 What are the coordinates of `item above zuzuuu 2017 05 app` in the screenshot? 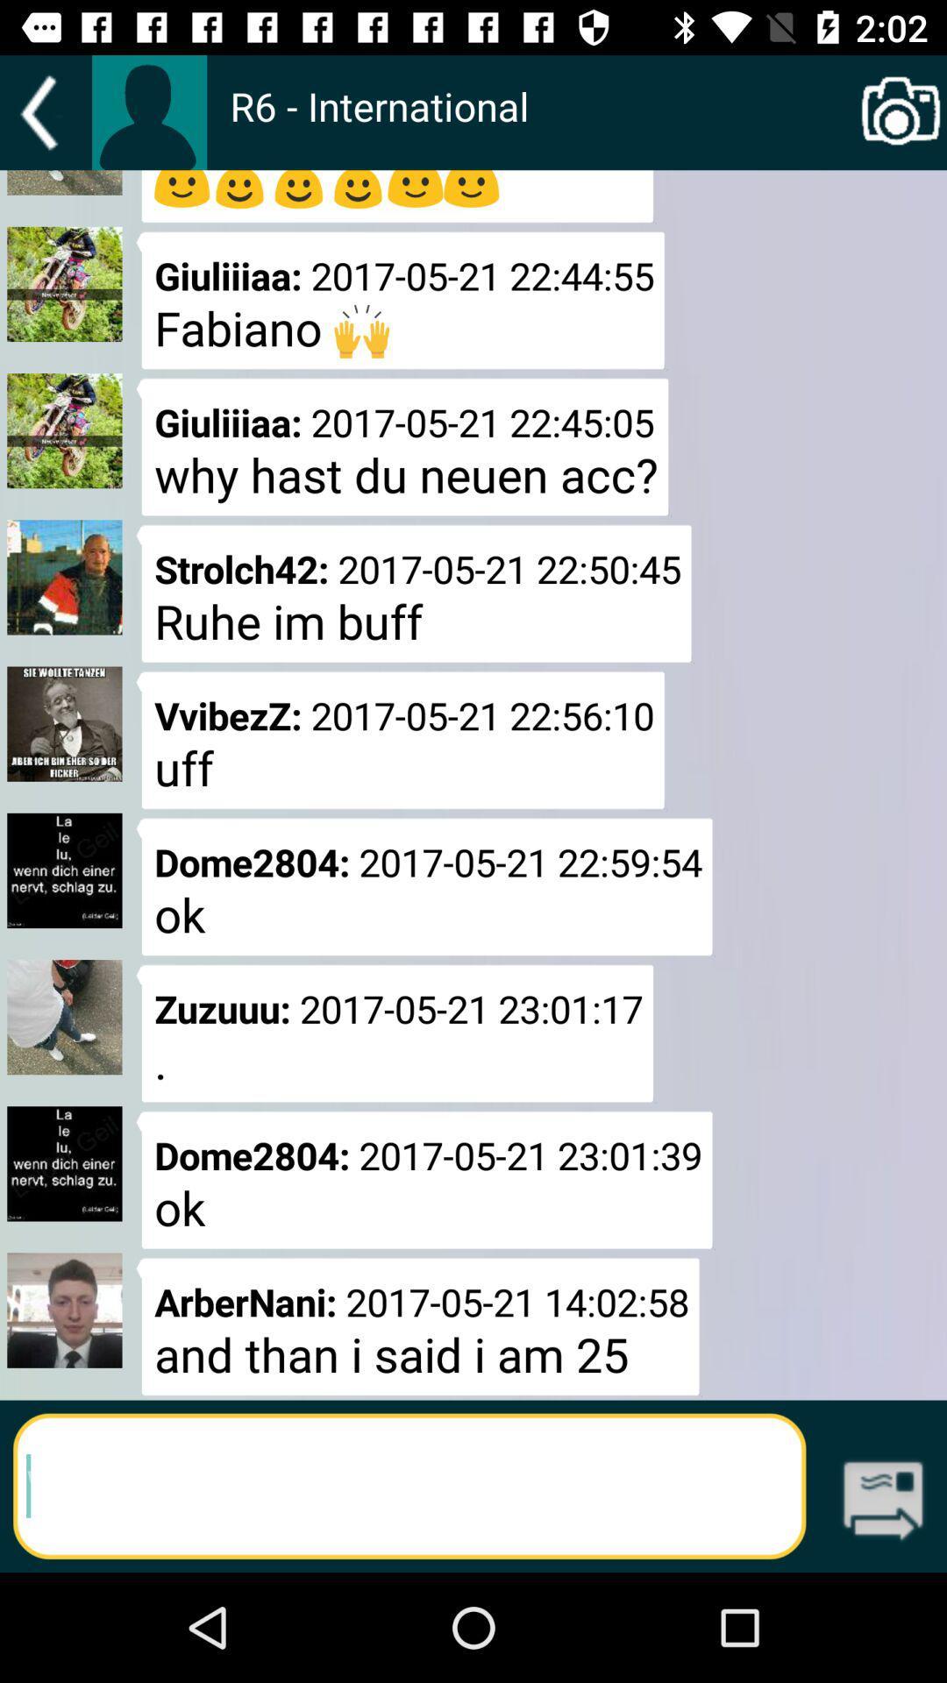 It's located at (541, 124).